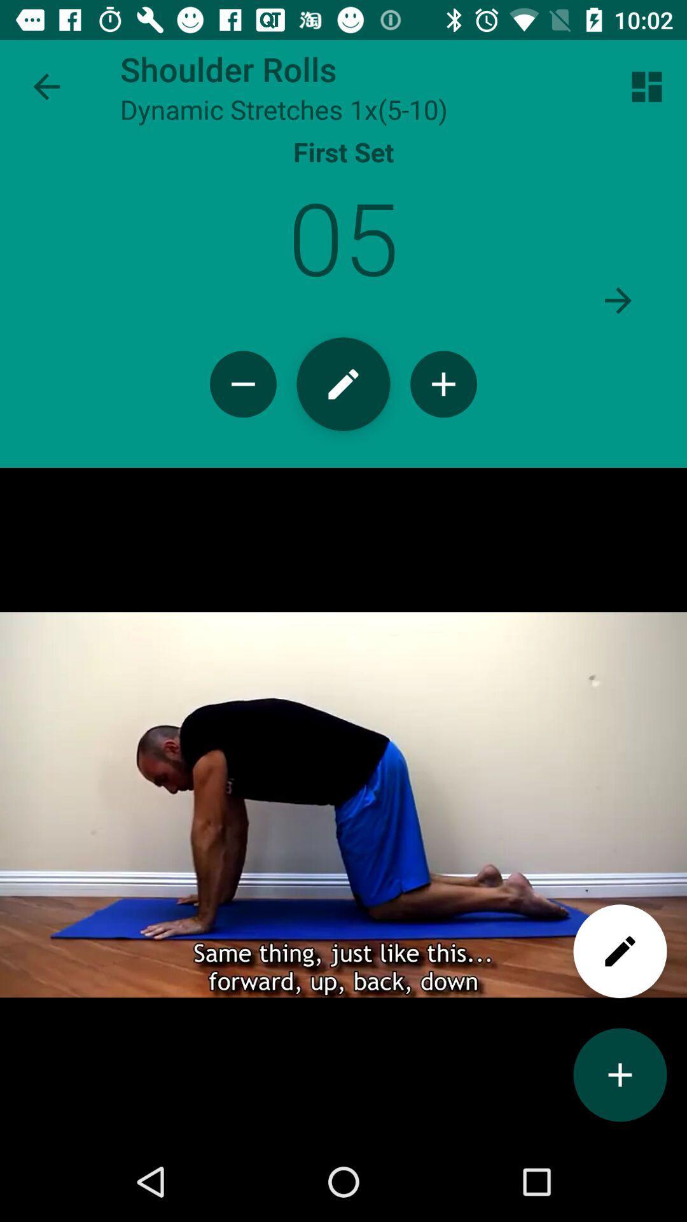 This screenshot has width=687, height=1222. What do you see at coordinates (620, 1074) in the screenshot?
I see `increace` at bounding box center [620, 1074].